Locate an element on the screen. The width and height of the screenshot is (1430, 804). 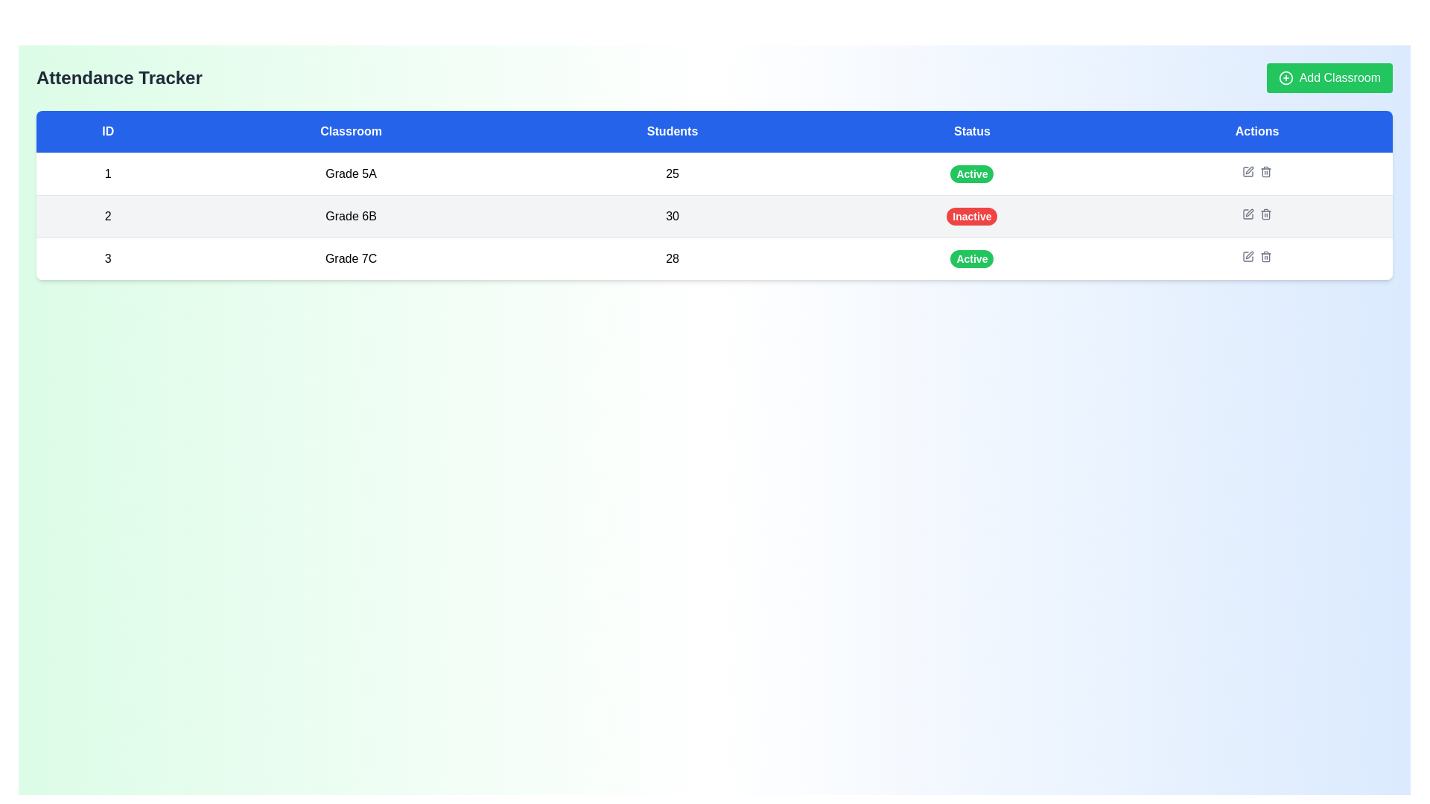
the interactive button-like icons in the 'Actions' column of the first row of the data table is located at coordinates (1256, 173).